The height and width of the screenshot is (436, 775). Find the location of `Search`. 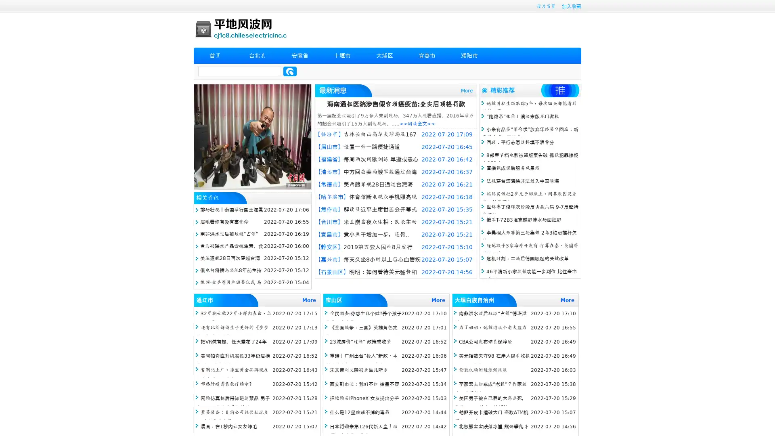

Search is located at coordinates (290, 71).